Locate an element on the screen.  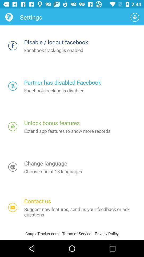
app next to privacy policy icon is located at coordinates (78, 233).